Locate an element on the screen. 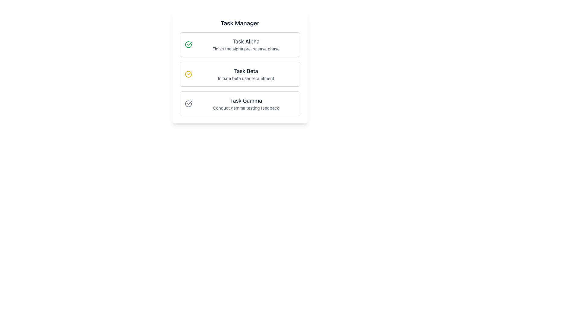  the task details by clicking on the third task card titled 'Task Gamma' in the task list is located at coordinates (240, 103).